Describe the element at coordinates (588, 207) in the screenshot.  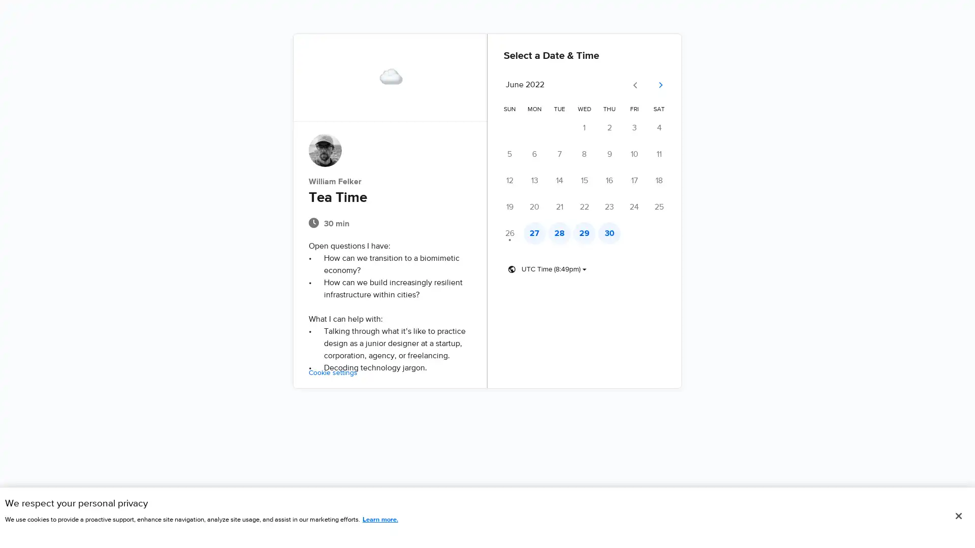
I see `Wednesday, June 22 - No times available` at that location.